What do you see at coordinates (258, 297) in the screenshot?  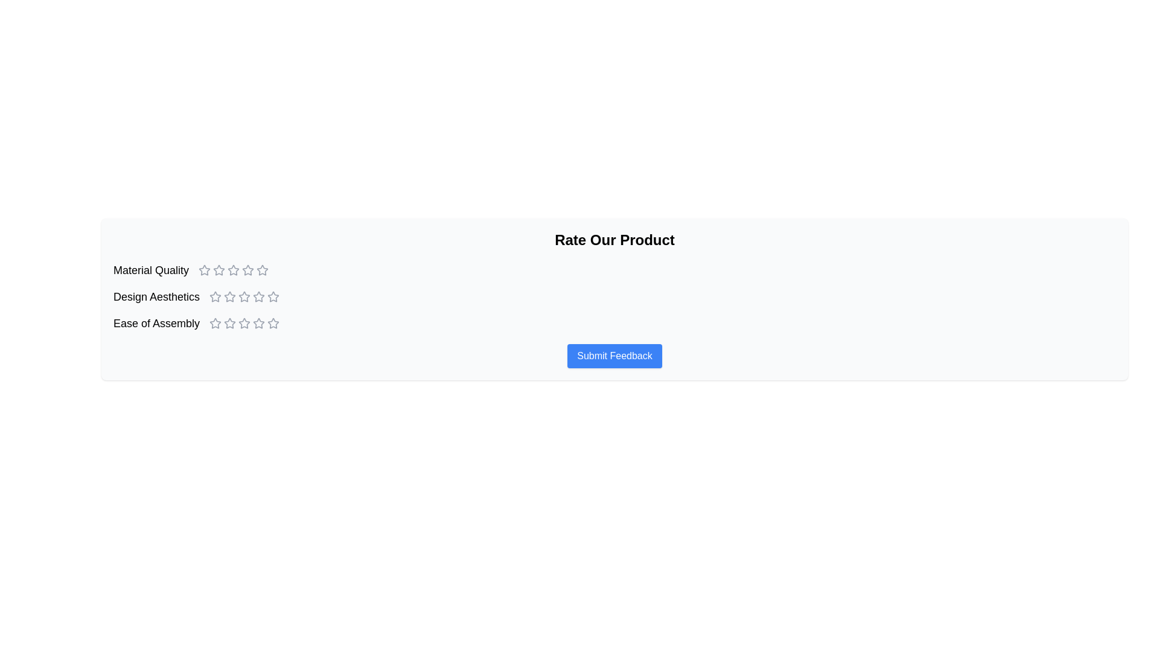 I see `the fifth star icon in the rating system for 'Design Aesthetics' to give a rating` at bounding box center [258, 297].